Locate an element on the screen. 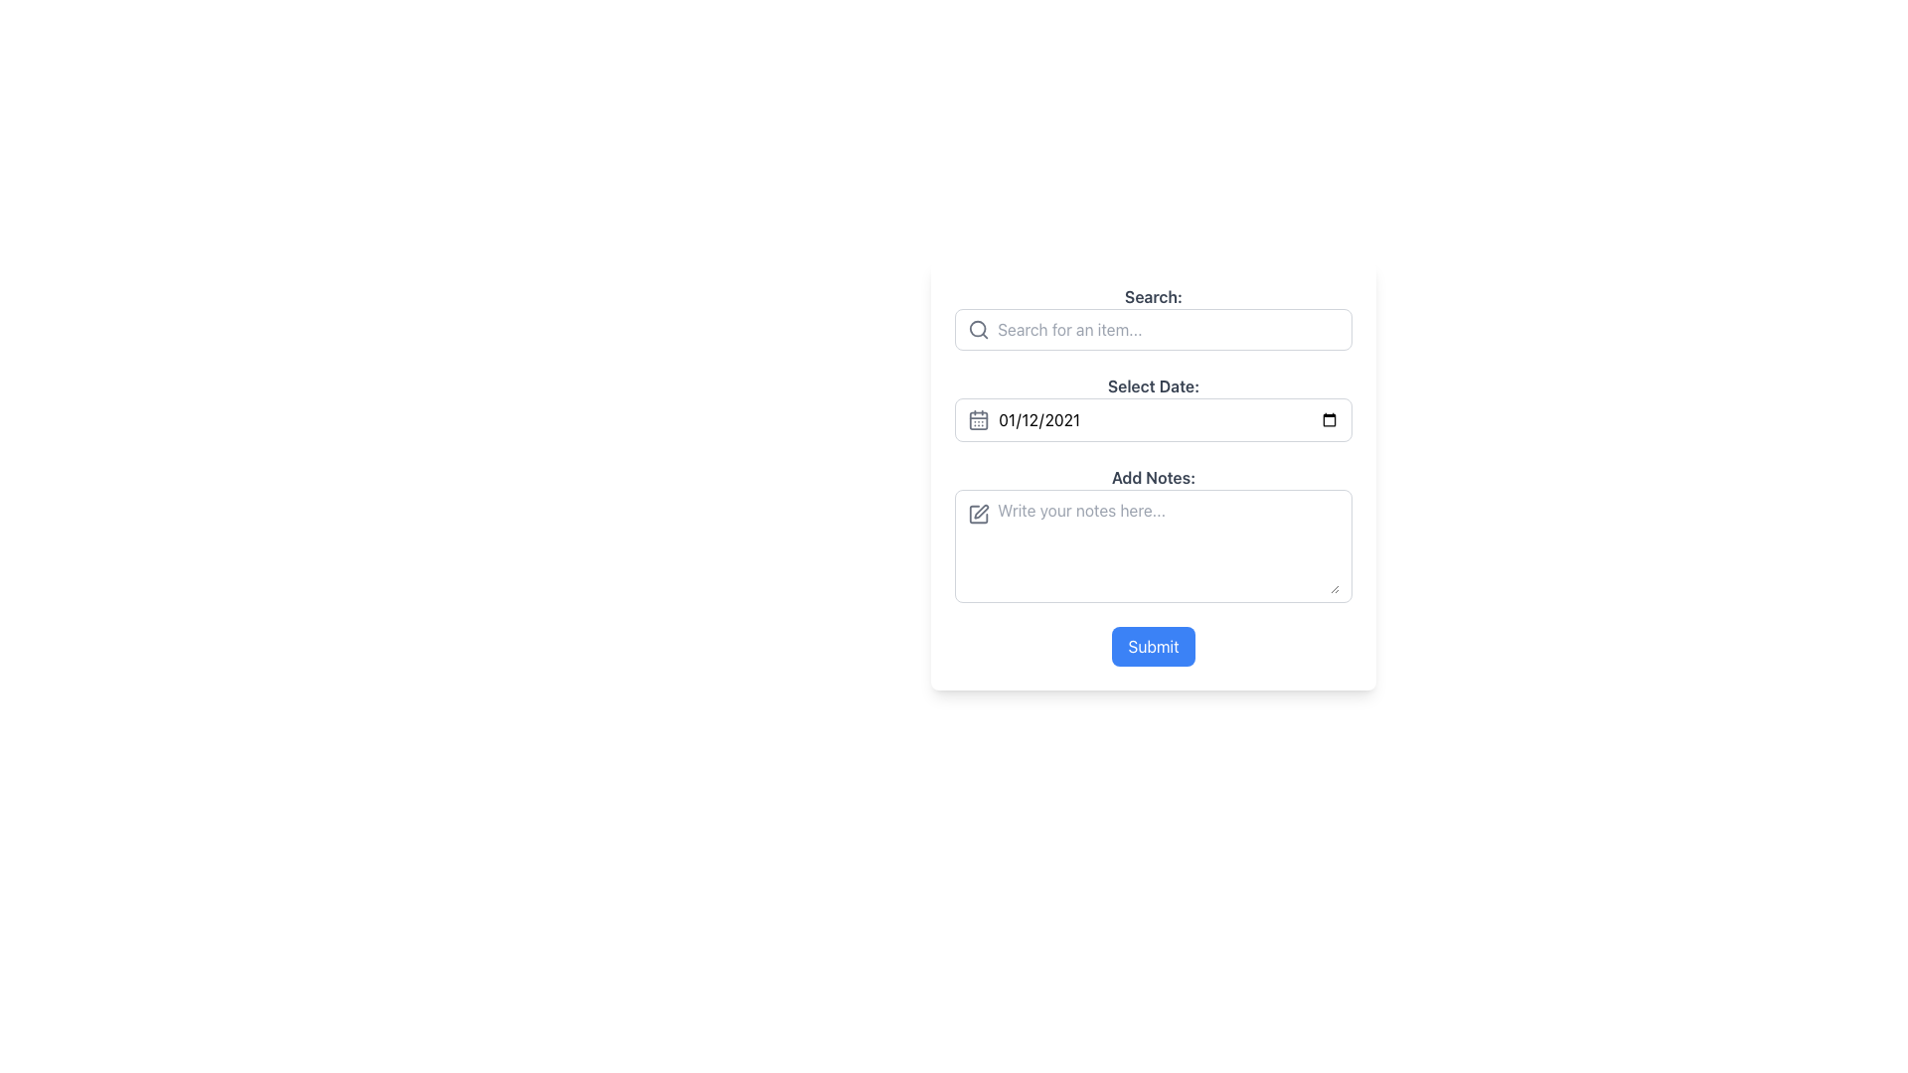 Image resolution: width=1908 pixels, height=1073 pixels. the edit or note-taking icon located at the top-left corner of the 'Add Notes' section, adjacent to the placeholder text box labeled 'Write your notes here...' is located at coordinates (978, 513).